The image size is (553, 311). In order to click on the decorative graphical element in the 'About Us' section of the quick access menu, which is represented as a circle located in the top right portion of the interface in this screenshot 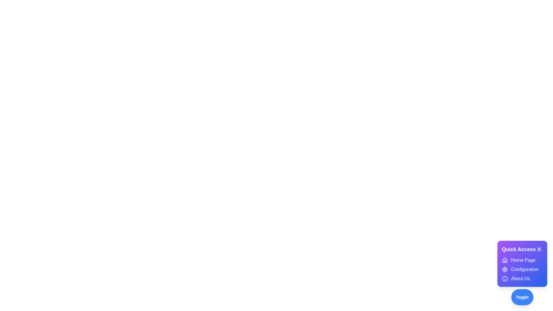, I will do `click(504, 278)`.